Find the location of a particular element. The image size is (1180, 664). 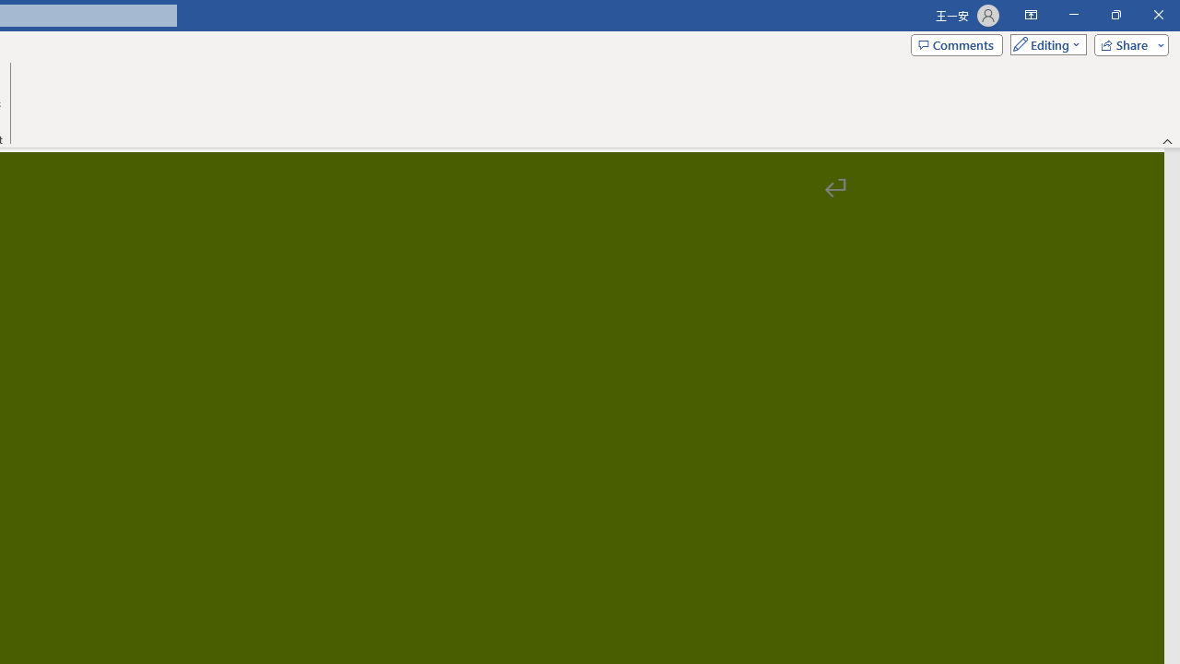

'Comments' is located at coordinates (957, 43).